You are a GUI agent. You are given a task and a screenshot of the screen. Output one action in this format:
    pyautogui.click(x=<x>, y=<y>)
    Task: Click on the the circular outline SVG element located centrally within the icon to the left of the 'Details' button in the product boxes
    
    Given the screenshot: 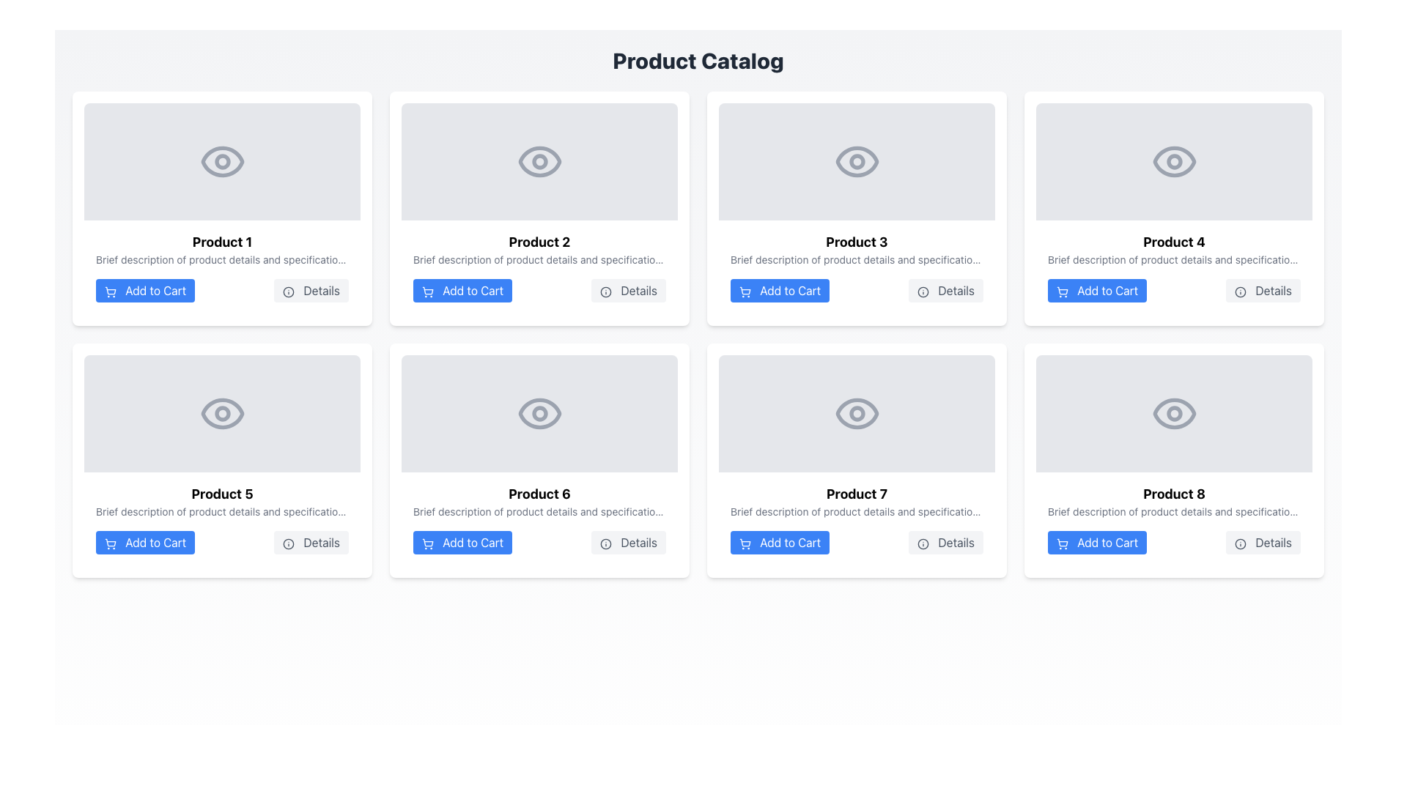 What is the action you would take?
    pyautogui.click(x=289, y=291)
    